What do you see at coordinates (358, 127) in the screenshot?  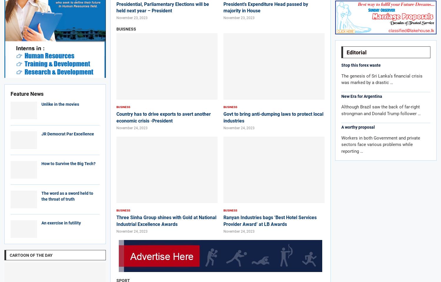 I see `'A worthy proposal'` at bounding box center [358, 127].